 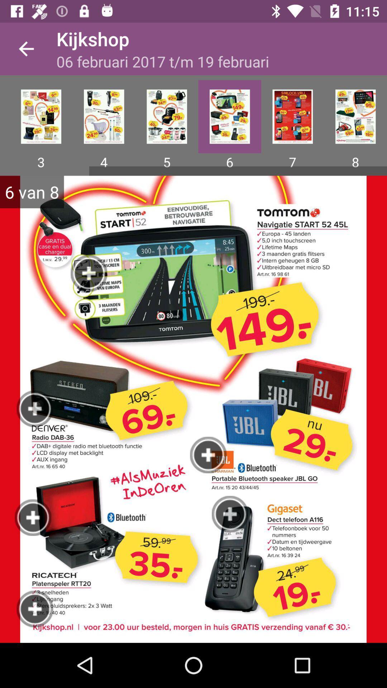 I want to click on tap on the image which is above 3, so click(x=41, y=117).